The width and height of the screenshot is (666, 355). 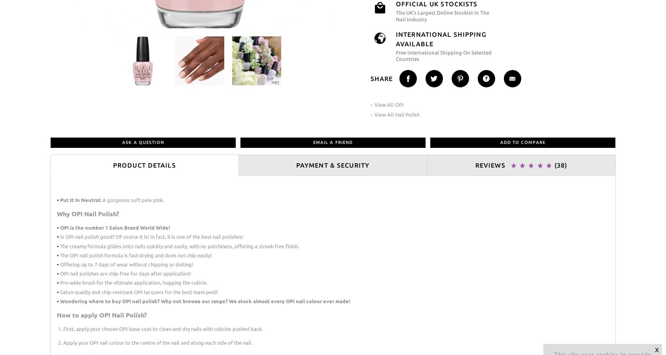 I want to click on 'Skin Care', so click(x=54, y=46).